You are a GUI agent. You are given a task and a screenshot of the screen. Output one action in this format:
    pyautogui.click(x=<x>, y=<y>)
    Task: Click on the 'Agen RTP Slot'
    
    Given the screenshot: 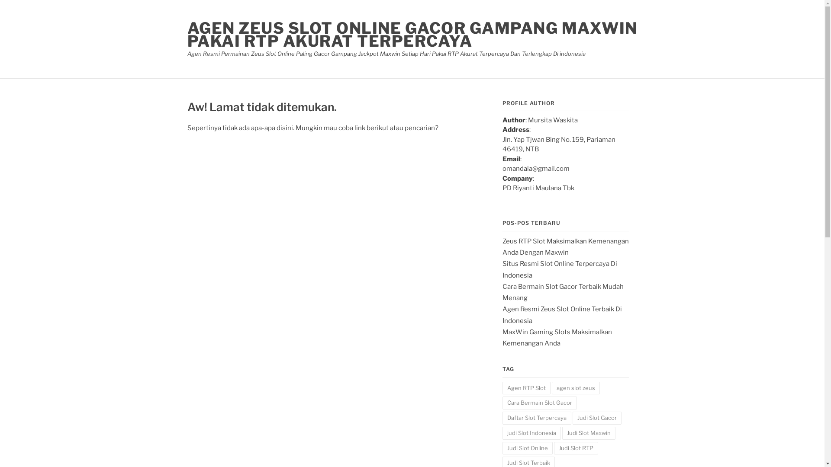 What is the action you would take?
    pyautogui.click(x=525, y=388)
    